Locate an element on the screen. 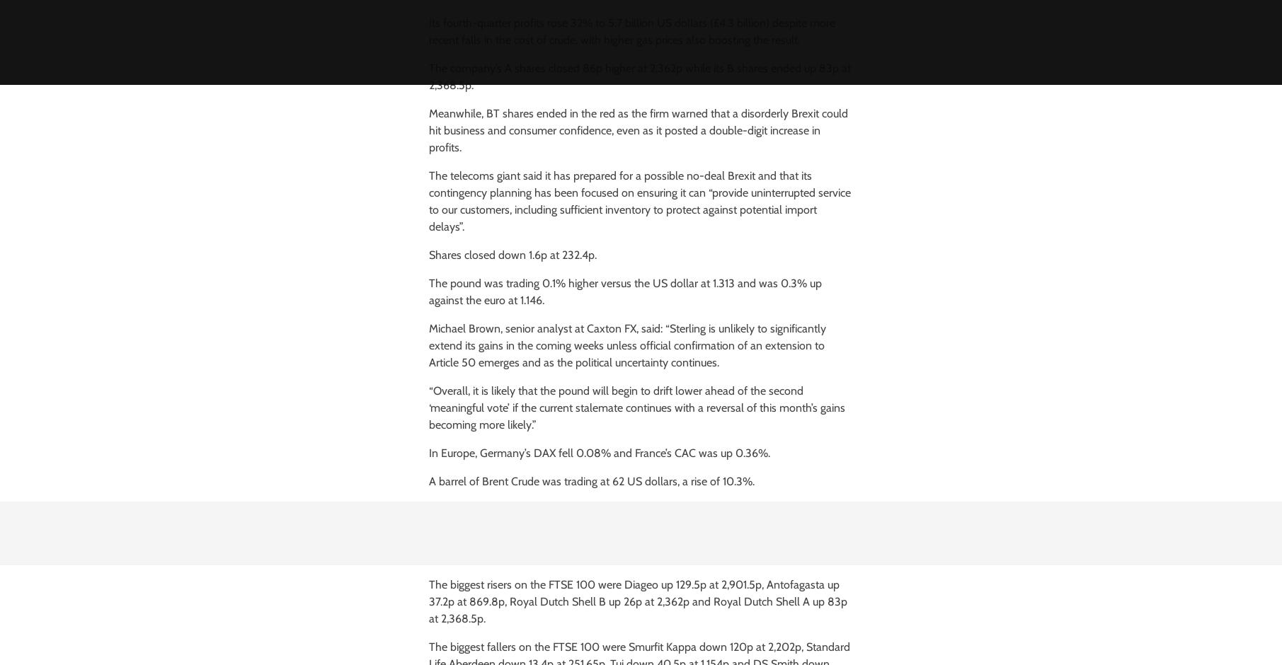  'The biggest risers on the FTSE 100 were Diageo up 129.5p at 2,901.5p, Antofagasta up 37.2p at 869.8p, Royal Dutch Shell B up 26p at 2,362p and Royal Dutch Shell A up 83p at 2,368.5p.' is located at coordinates (637, 601).